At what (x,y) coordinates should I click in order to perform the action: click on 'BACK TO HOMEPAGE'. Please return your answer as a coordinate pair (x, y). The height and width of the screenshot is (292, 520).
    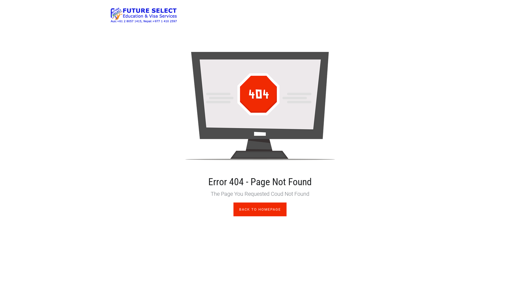
    Looking at the image, I should click on (260, 209).